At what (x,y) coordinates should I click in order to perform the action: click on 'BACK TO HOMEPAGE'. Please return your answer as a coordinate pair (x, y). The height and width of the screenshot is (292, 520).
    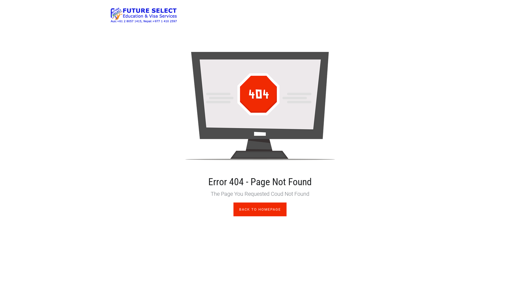
    Looking at the image, I should click on (260, 209).